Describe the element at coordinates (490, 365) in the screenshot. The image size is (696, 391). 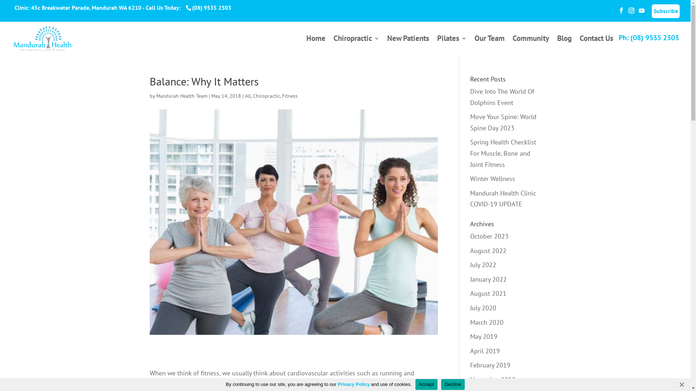
I see `'February 2019'` at that location.